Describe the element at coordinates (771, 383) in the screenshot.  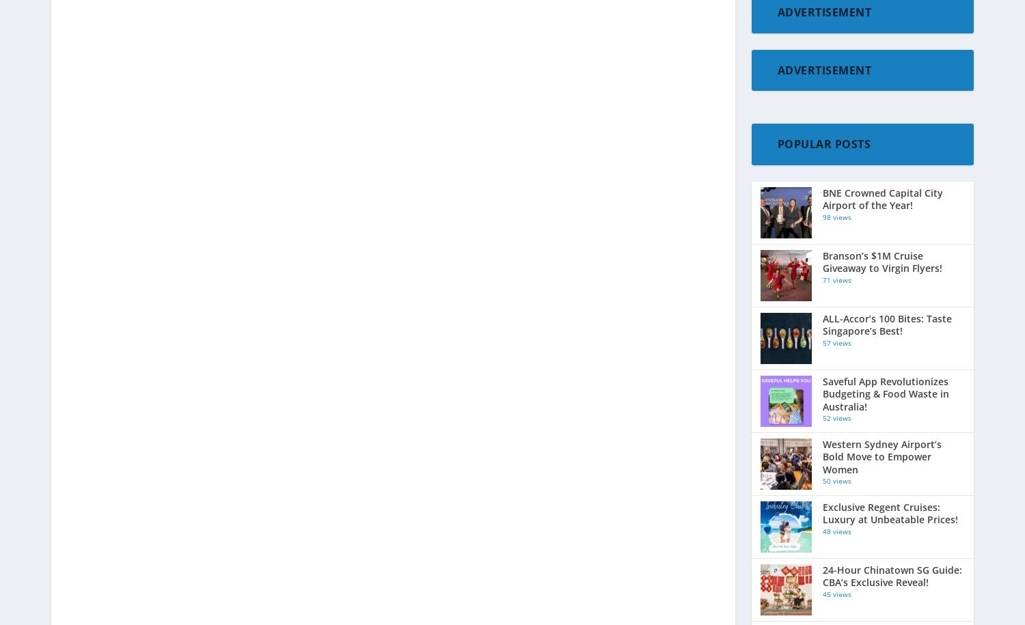
I see `'Mice'` at that location.